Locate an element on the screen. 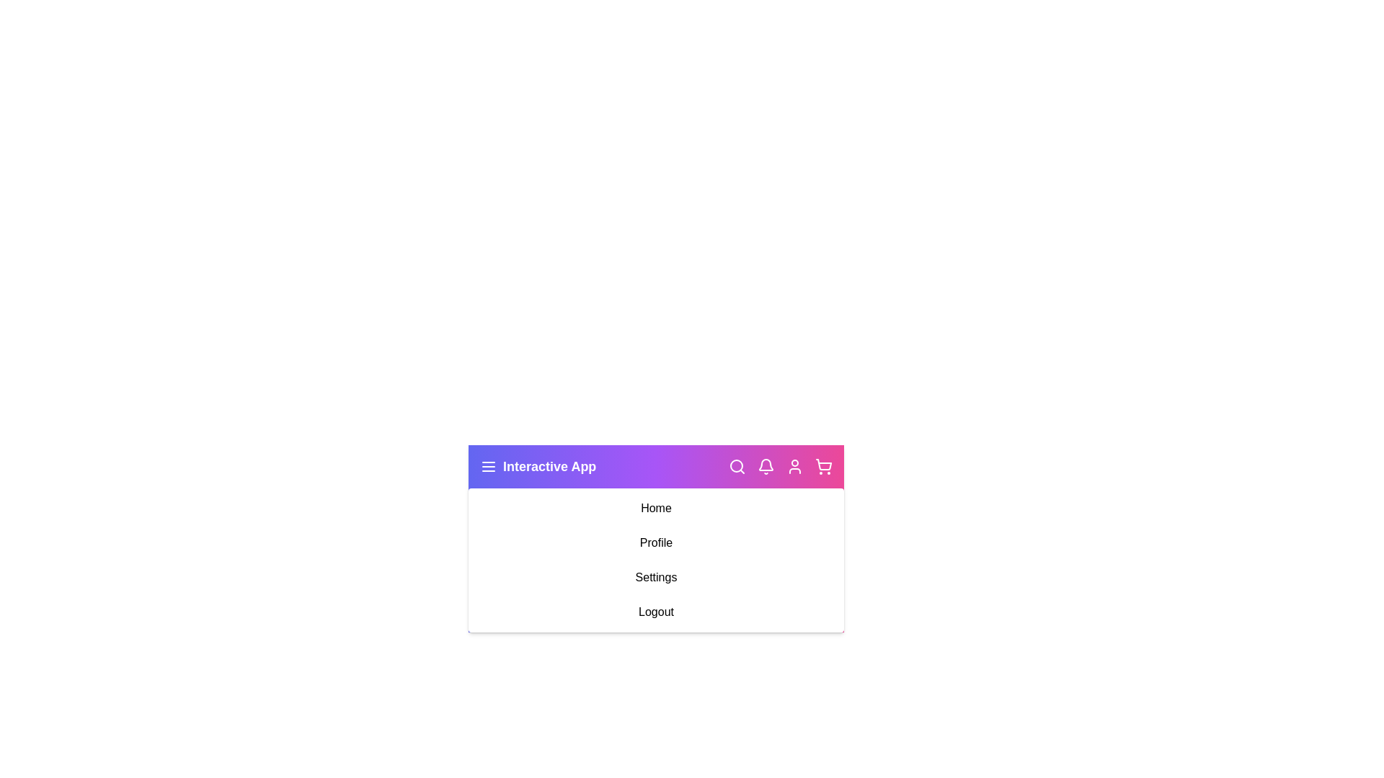  the menu_icon to observe hover effects is located at coordinates (488, 467).